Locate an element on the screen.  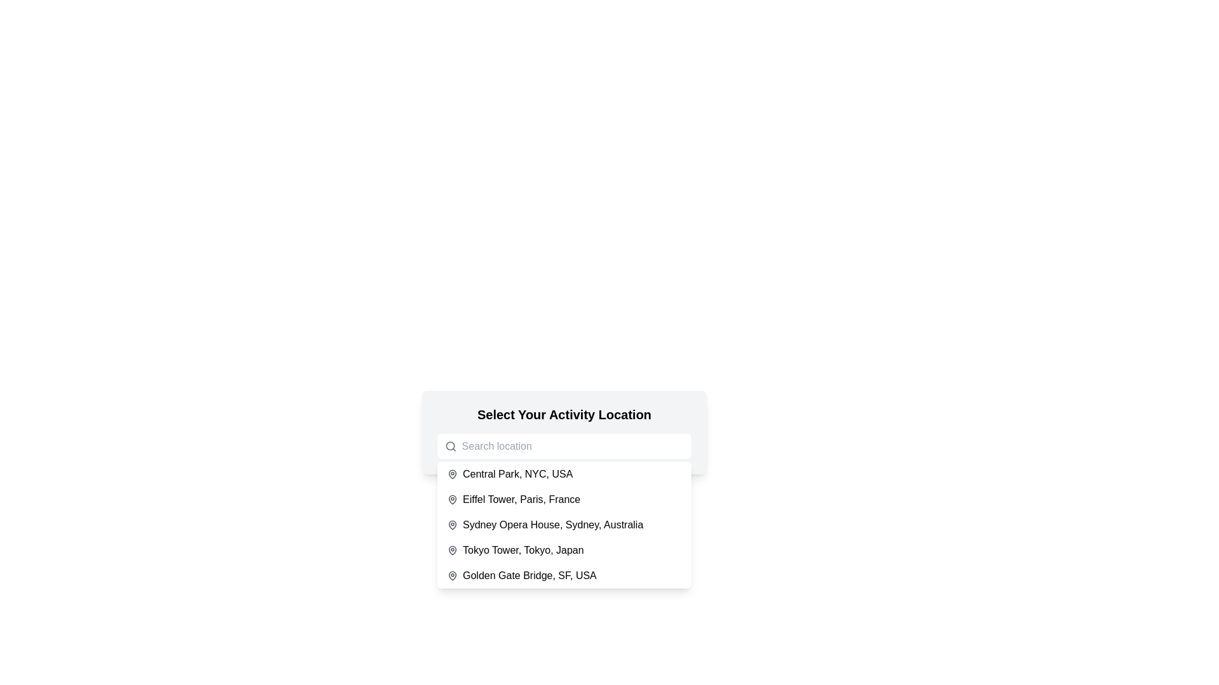
the map pin icon representing the location entry for 'Central Park, NYC, USA' in the dropdown menu is located at coordinates (453, 474).